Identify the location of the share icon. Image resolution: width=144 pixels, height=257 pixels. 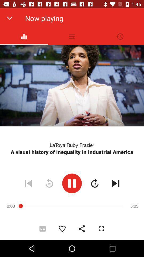
(82, 228).